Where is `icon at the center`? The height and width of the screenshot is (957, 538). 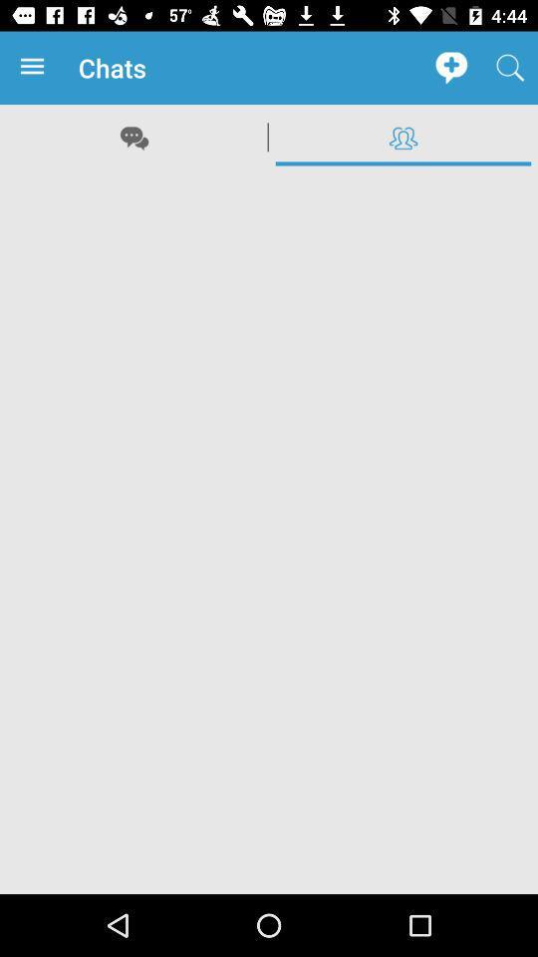 icon at the center is located at coordinates (269, 530).